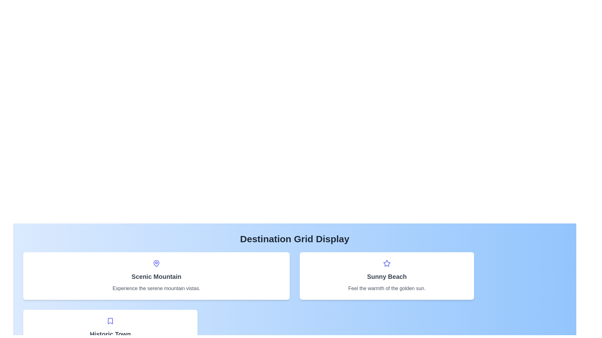 This screenshot has width=602, height=338. Describe the element at coordinates (156, 263) in the screenshot. I see `the indigo decorative pin icon centered above the 'Scenic Mountain' text in the card section` at that location.